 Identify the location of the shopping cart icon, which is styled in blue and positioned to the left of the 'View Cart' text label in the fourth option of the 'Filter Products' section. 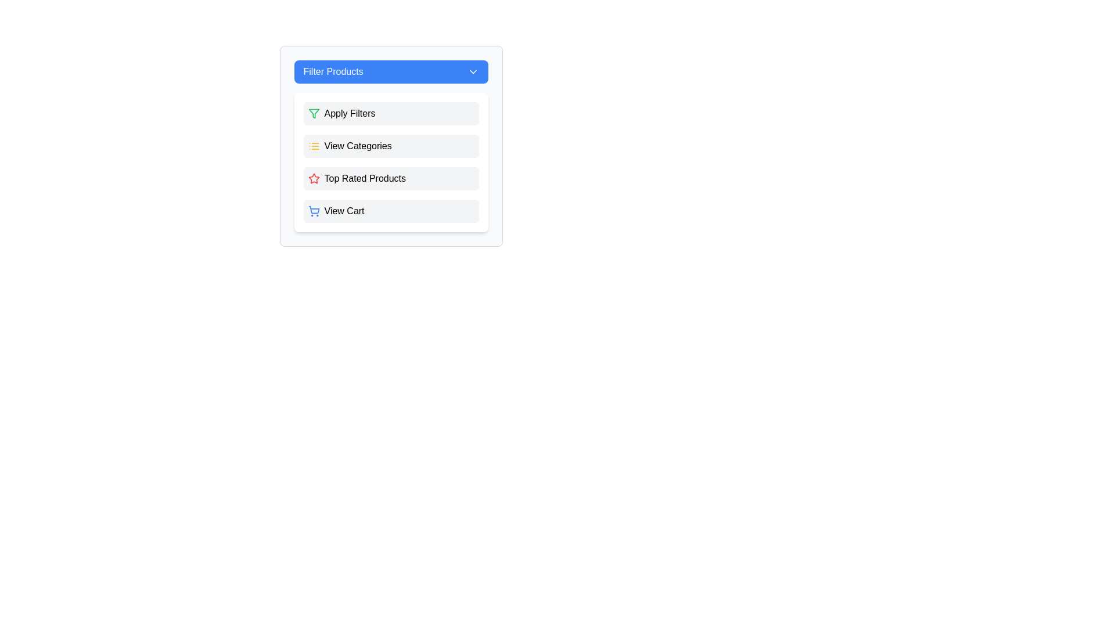
(314, 211).